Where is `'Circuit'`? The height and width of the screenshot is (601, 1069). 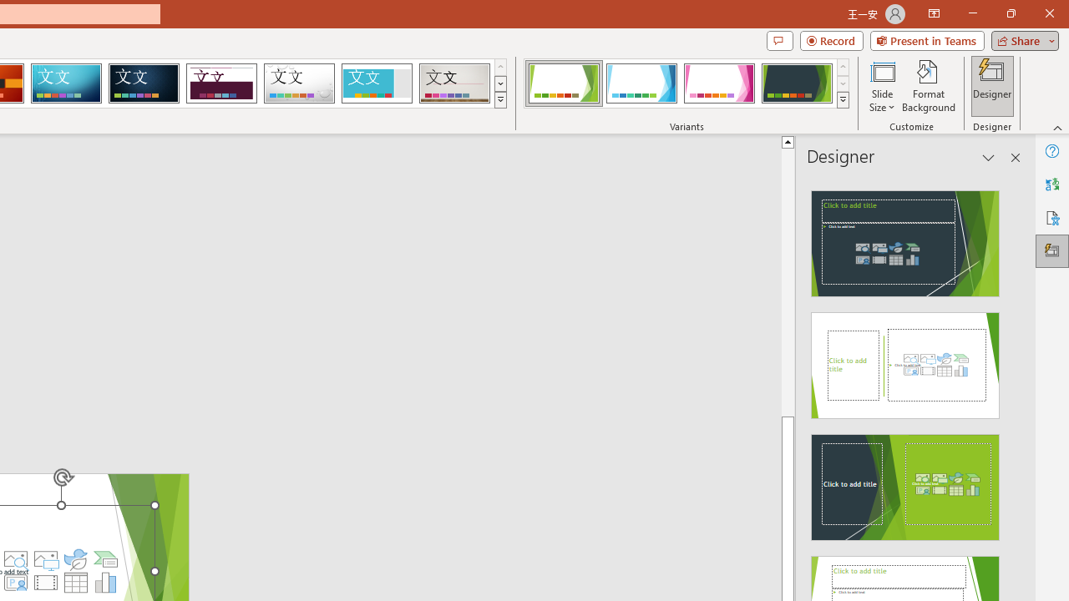 'Circuit' is located at coordinates (66, 83).